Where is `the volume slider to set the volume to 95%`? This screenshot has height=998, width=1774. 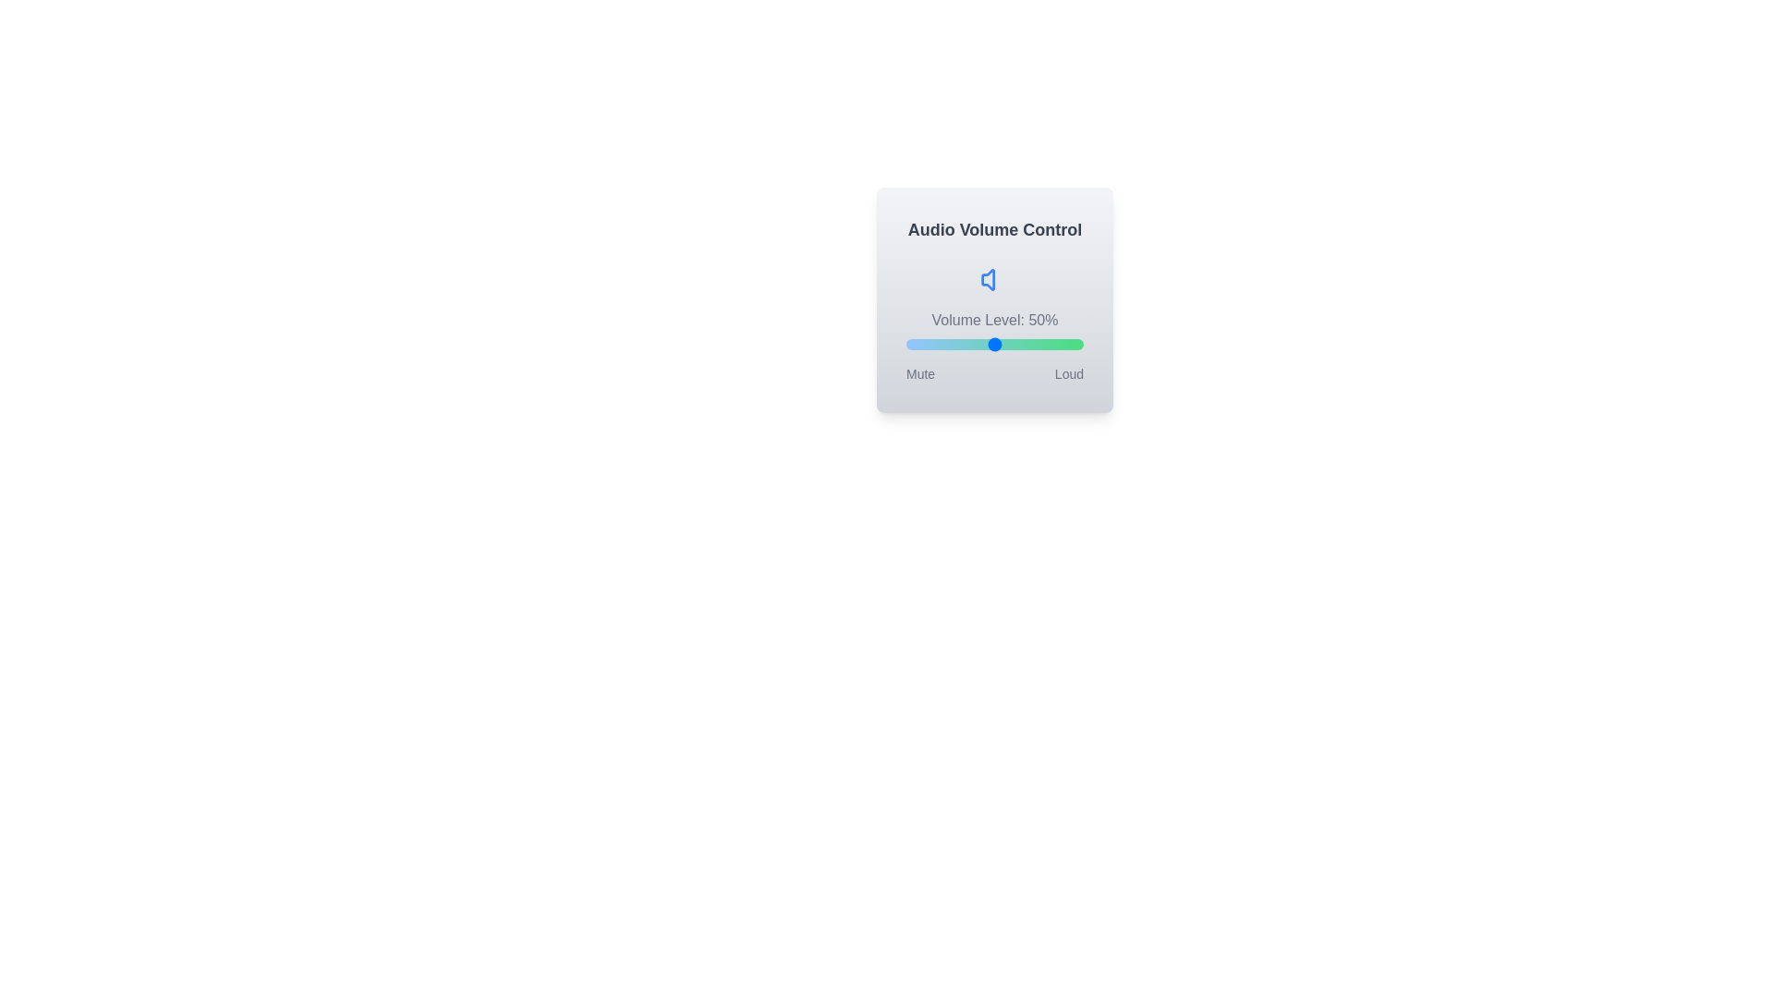
the volume slider to set the volume to 95% is located at coordinates (1075, 345).